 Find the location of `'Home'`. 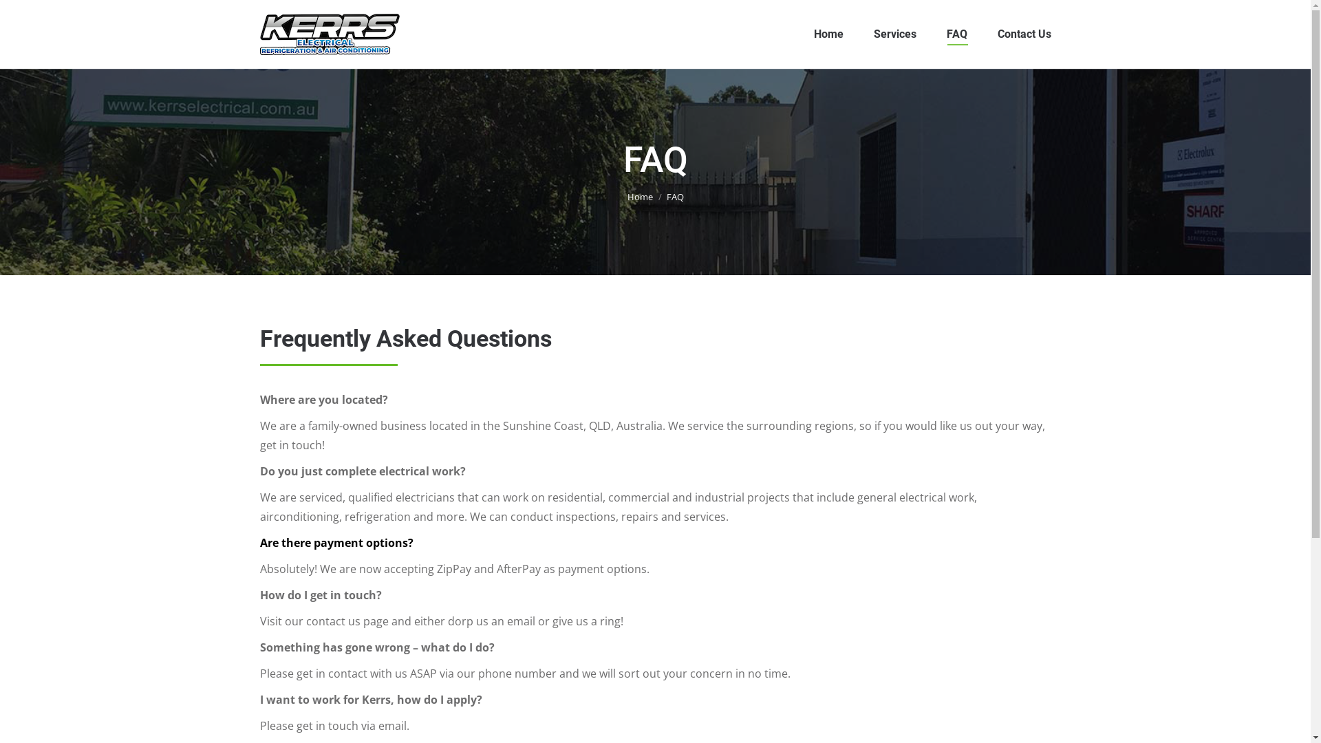

'Home' is located at coordinates (639, 196).